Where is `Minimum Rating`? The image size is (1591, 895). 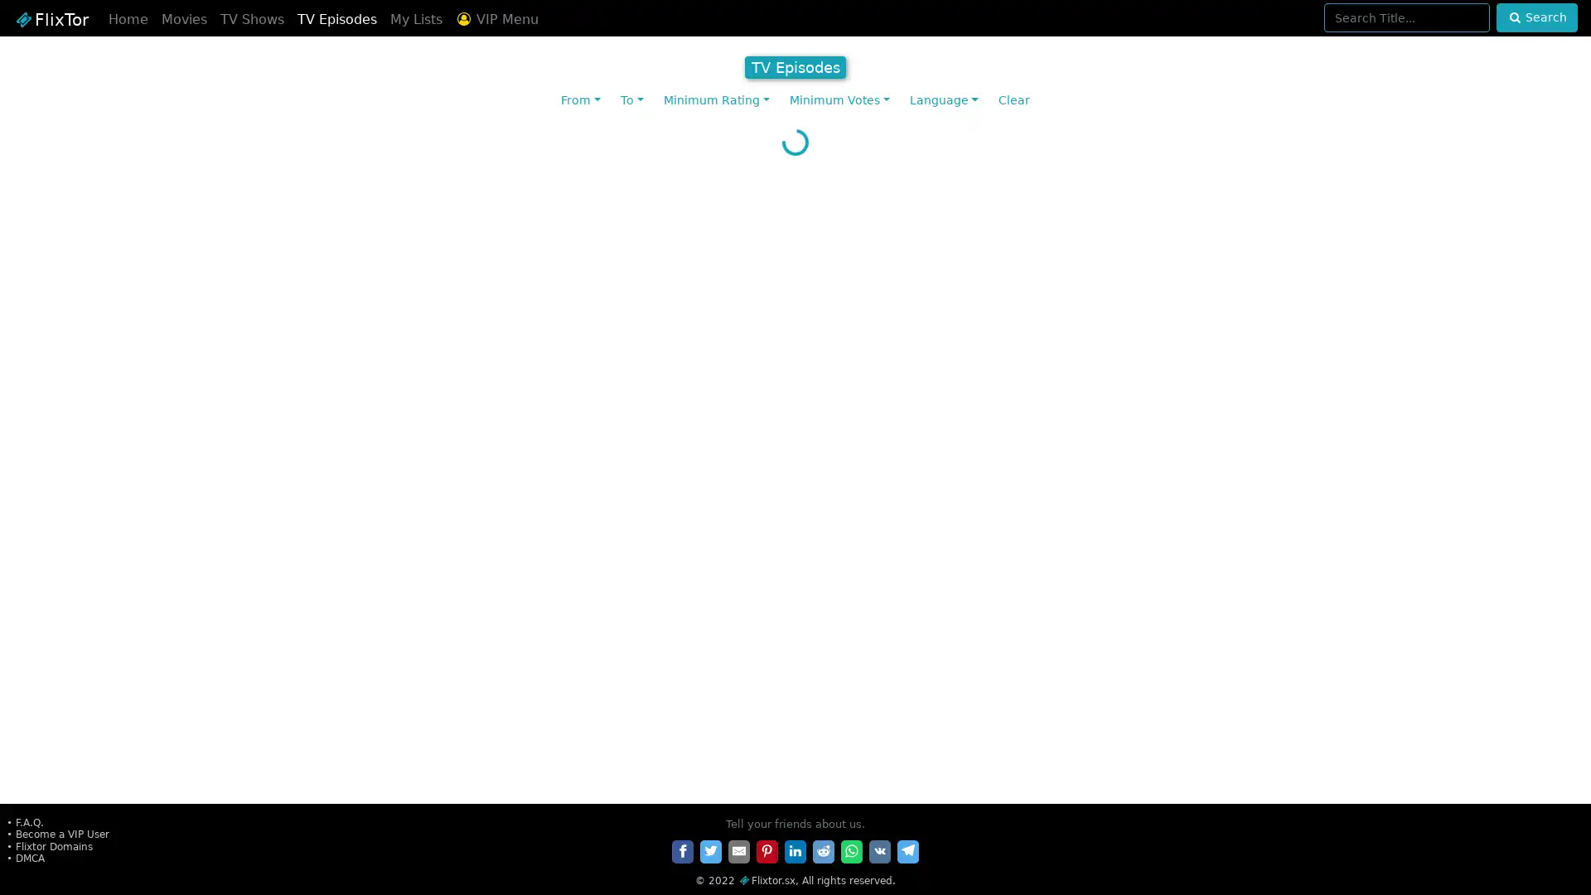
Minimum Rating is located at coordinates (716, 100).